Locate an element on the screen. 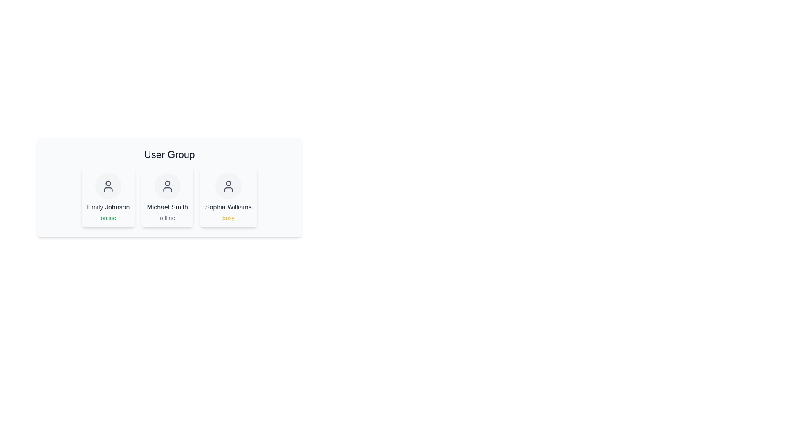 This screenshot has height=441, width=785. the online status label indicating the user 'Emily Johnson' located beneath the name in her profile card is located at coordinates (108, 217).